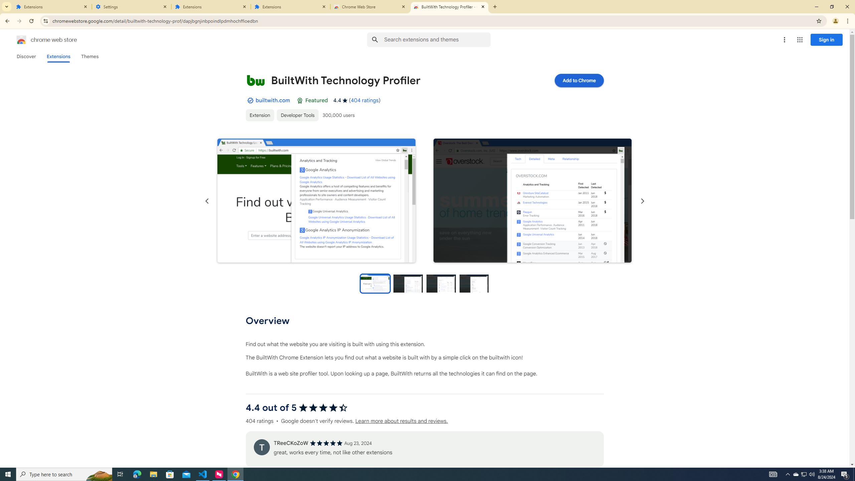 This screenshot has height=481, width=855. What do you see at coordinates (300, 100) in the screenshot?
I see `'Featured Badge'` at bounding box center [300, 100].